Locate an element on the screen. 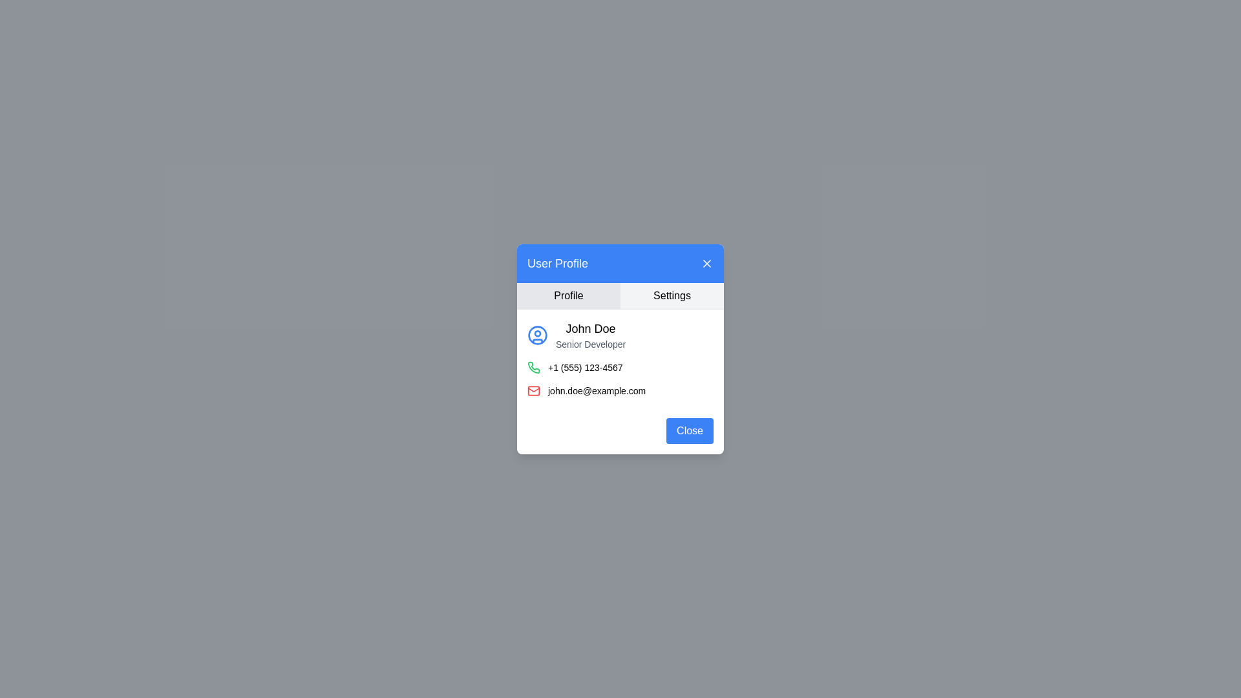  the green-colored phone receiver icon located next to the phone number '+1 (555) 123-4567' in the user profile dialog is located at coordinates (533, 367).